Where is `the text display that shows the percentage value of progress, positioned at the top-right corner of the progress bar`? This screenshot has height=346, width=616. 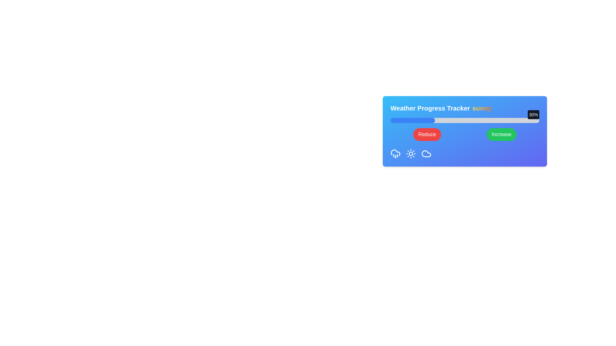 the text display that shows the percentage value of progress, positioned at the top-right corner of the progress bar is located at coordinates (533, 114).